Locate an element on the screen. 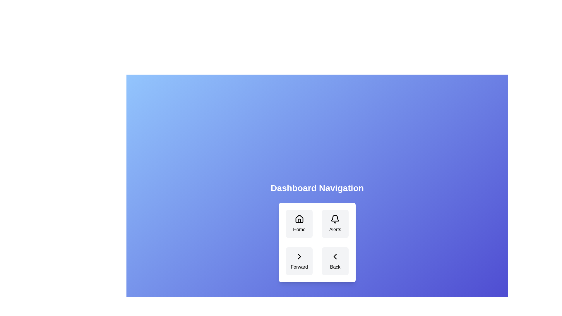 This screenshot has width=562, height=316. the right-facing chevron icon located in the bottom-left cell of the navigation panel under the label 'Forward' is located at coordinates (299, 256).